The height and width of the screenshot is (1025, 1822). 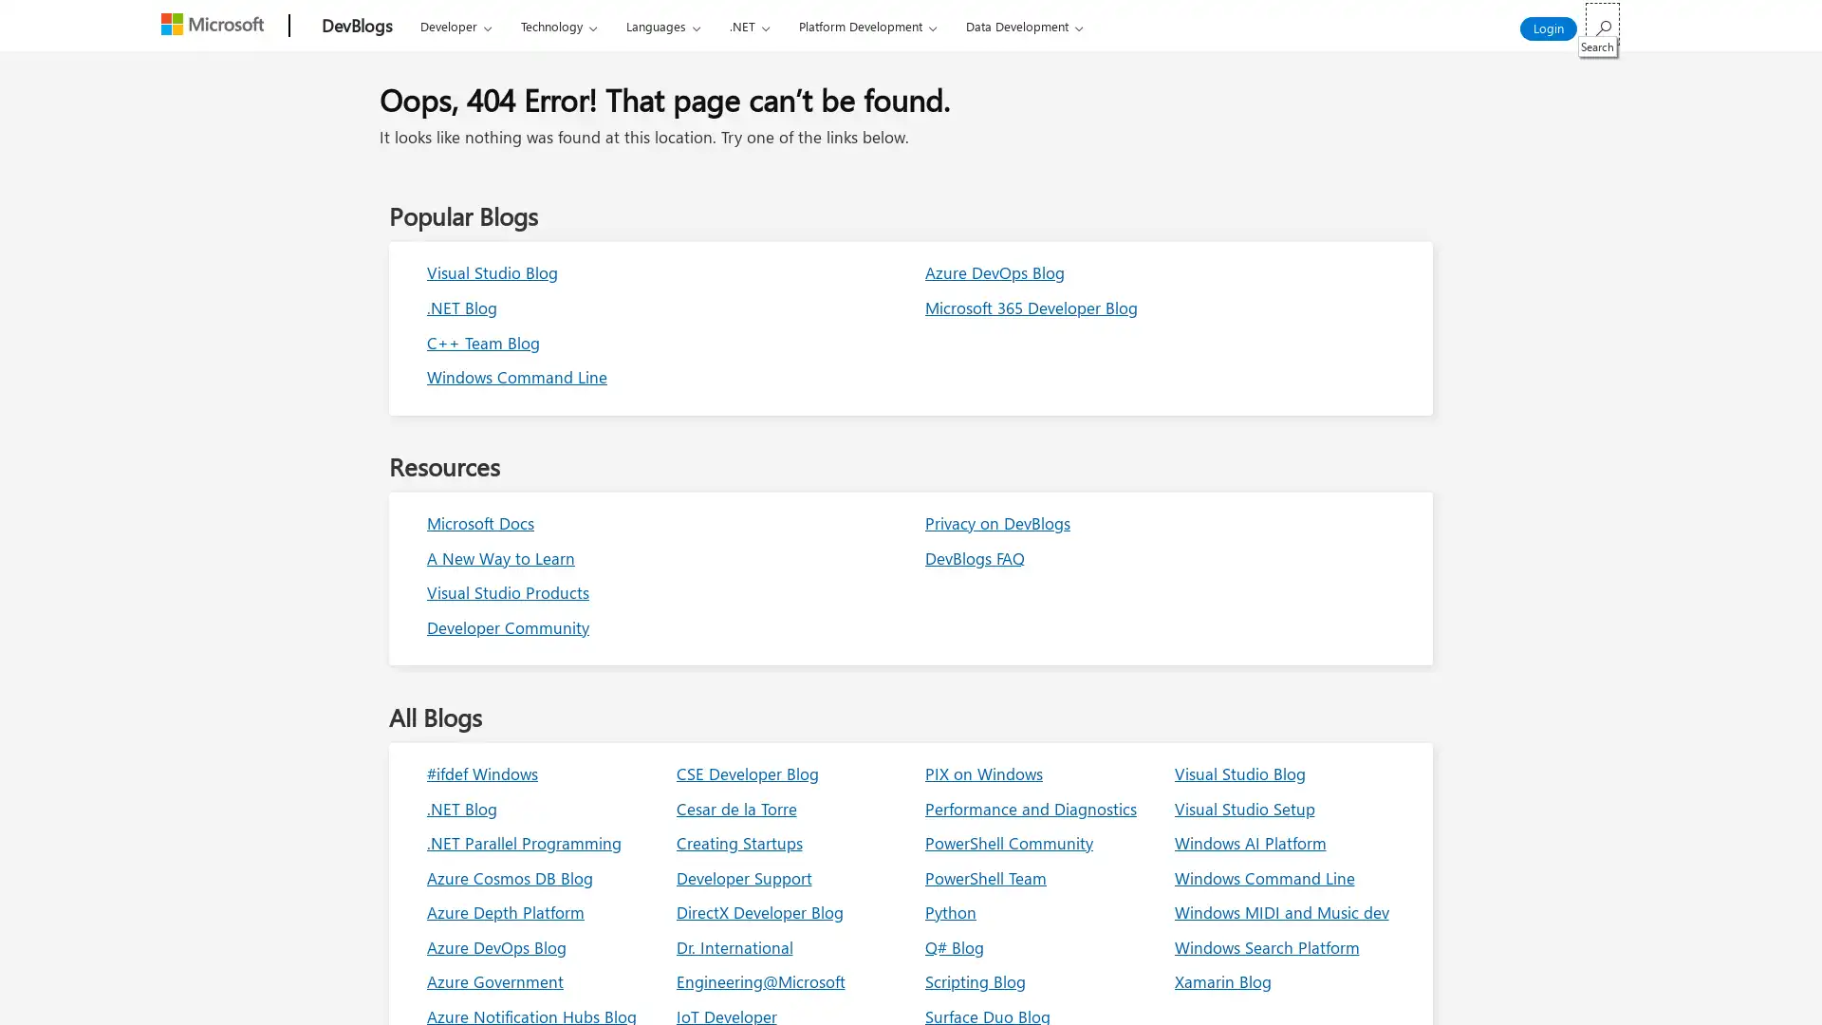 I want to click on Developer, so click(x=455, y=26).